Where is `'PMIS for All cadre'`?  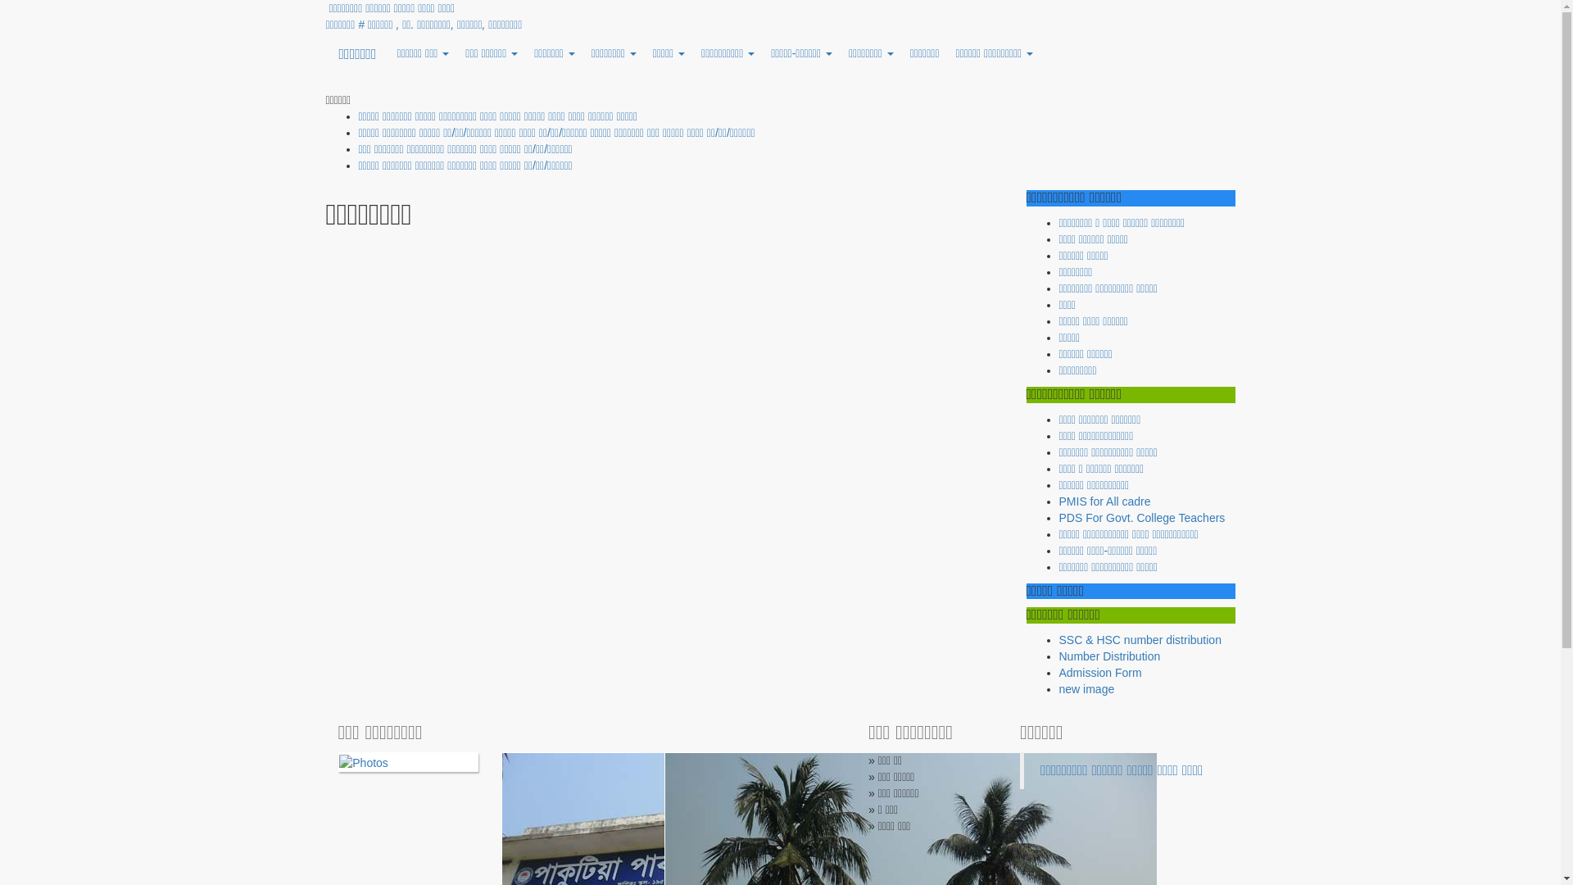
'PMIS for All cadre' is located at coordinates (1058, 501).